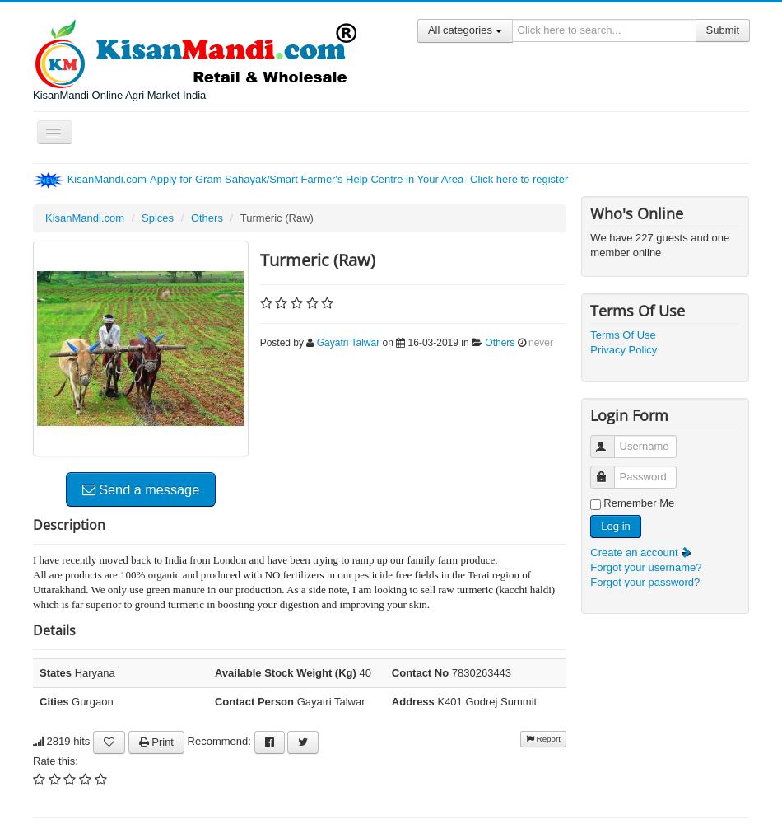 The image size is (782, 824). Describe the element at coordinates (32, 524) in the screenshot. I see `'Description'` at that location.